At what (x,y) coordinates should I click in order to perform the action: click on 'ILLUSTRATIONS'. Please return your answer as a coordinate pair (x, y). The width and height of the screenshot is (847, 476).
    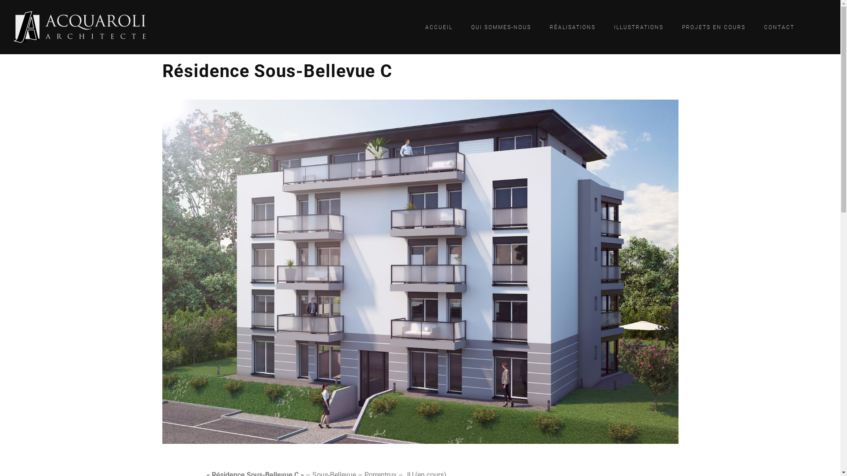
    Looking at the image, I should click on (639, 26).